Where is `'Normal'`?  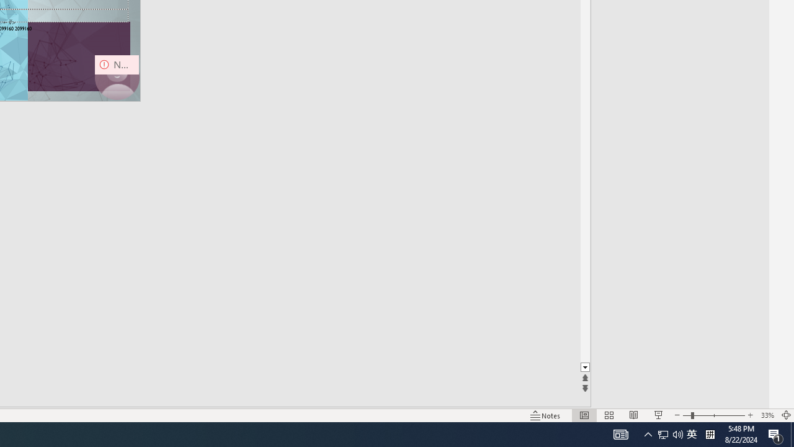
'Normal' is located at coordinates (584, 415).